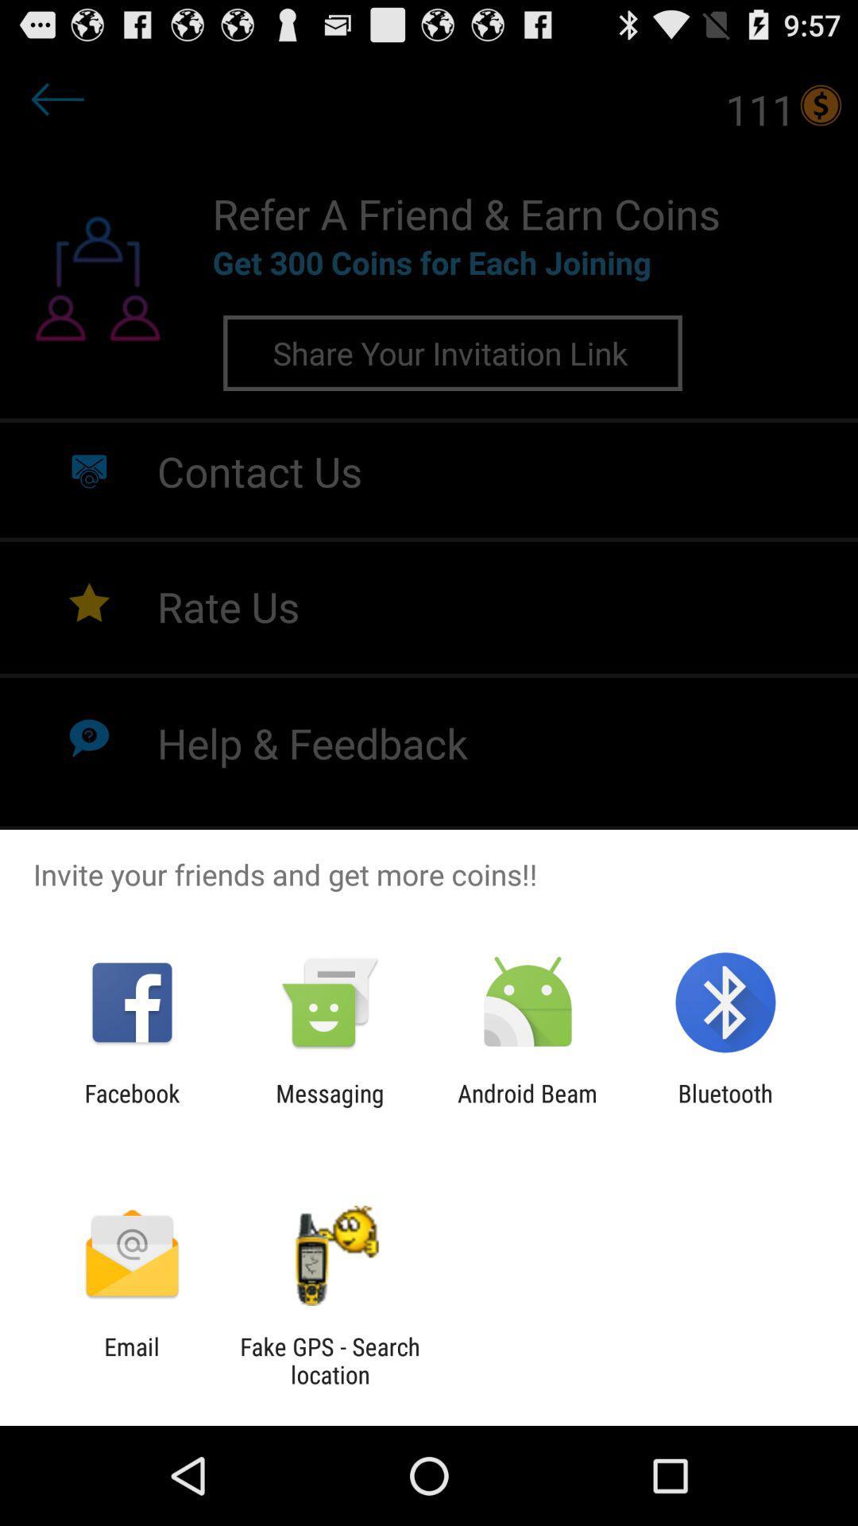  Describe the element at coordinates (131, 1360) in the screenshot. I see `the item to the left of fake gps search app` at that location.